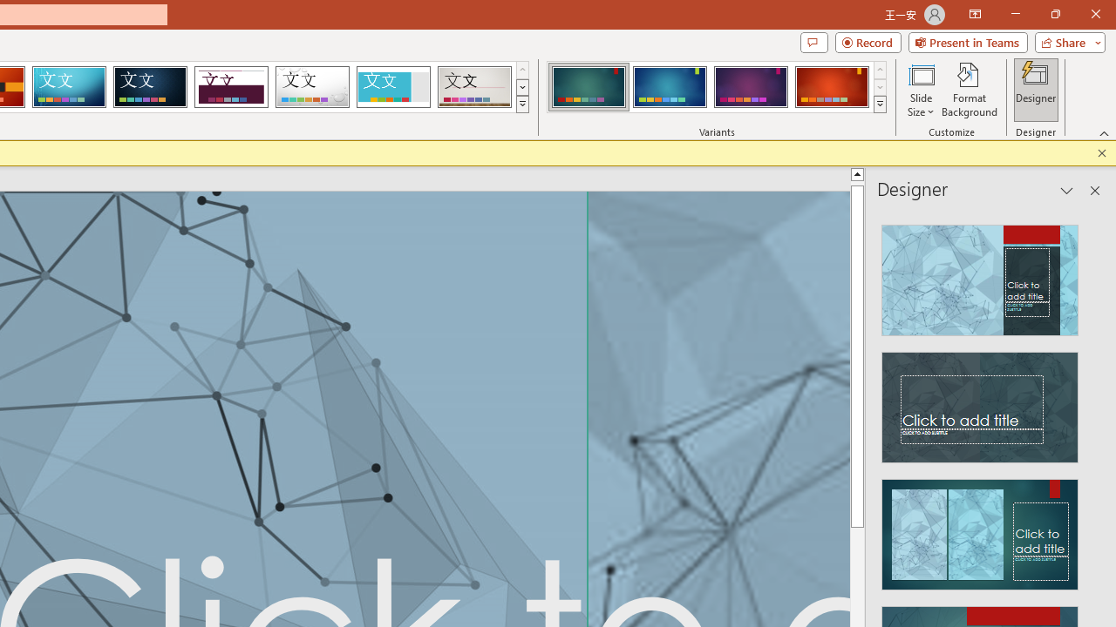 The width and height of the screenshot is (1116, 627). I want to click on 'Ion Variant 4', so click(831, 87).